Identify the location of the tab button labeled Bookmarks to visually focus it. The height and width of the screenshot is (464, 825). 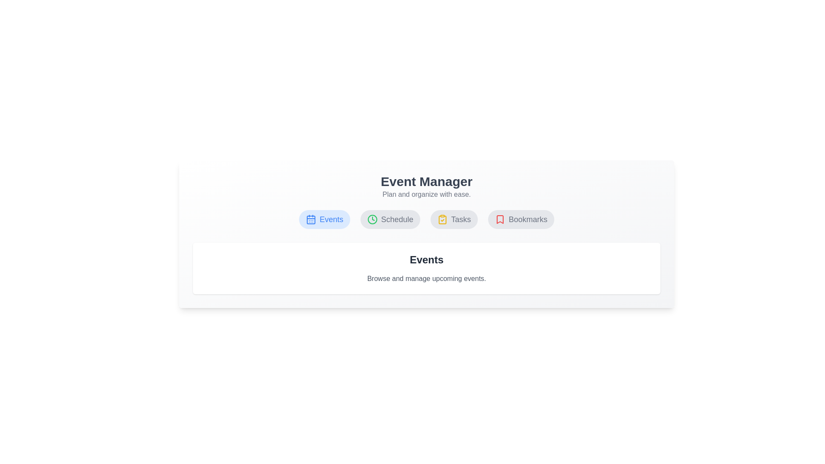
(521, 219).